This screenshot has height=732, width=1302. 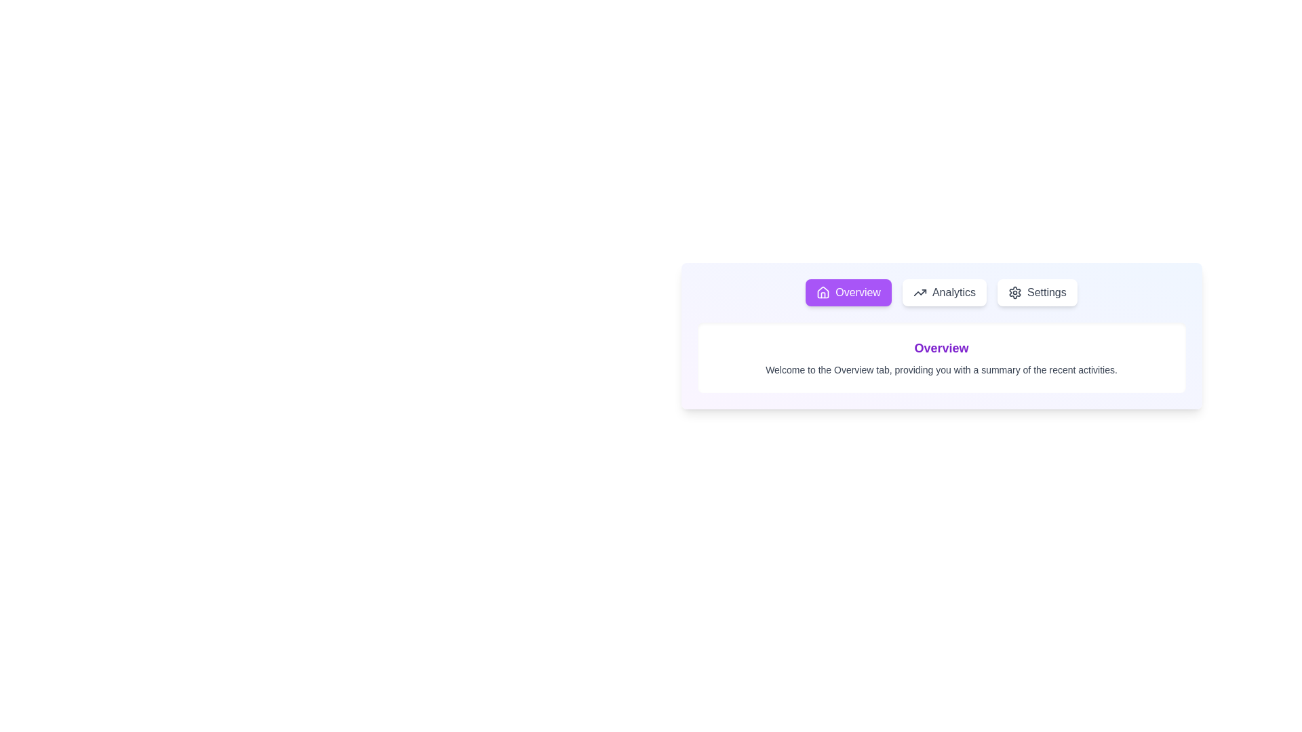 I want to click on left segment of the trending icon graphical shape within the SVG graphic located in the upper right of the interface for debugging purposes, so click(x=920, y=292).